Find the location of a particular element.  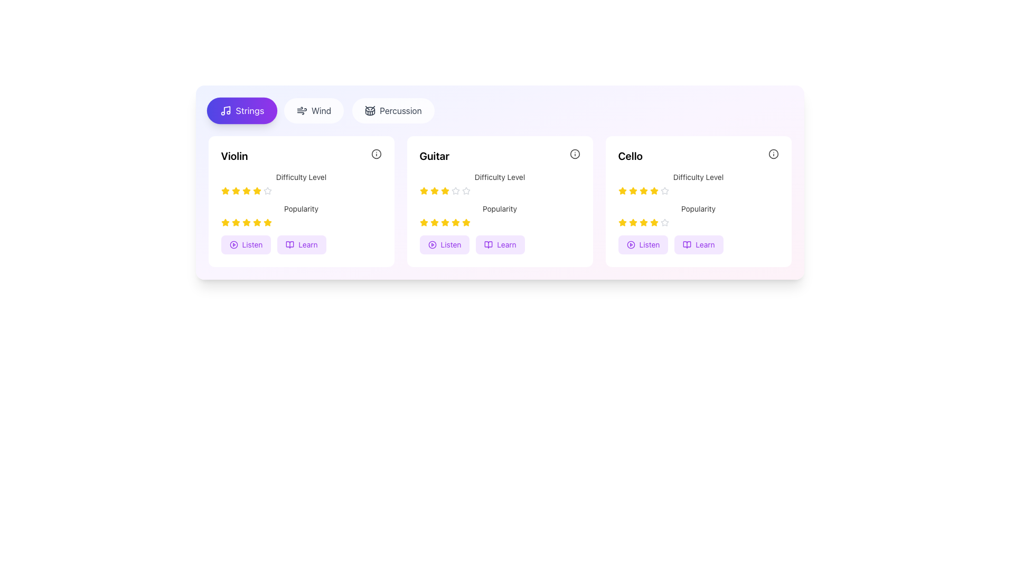

the third yellow-colored star icon in the 'Popularity' rating section of the 'Guitar' card is located at coordinates (434, 222).